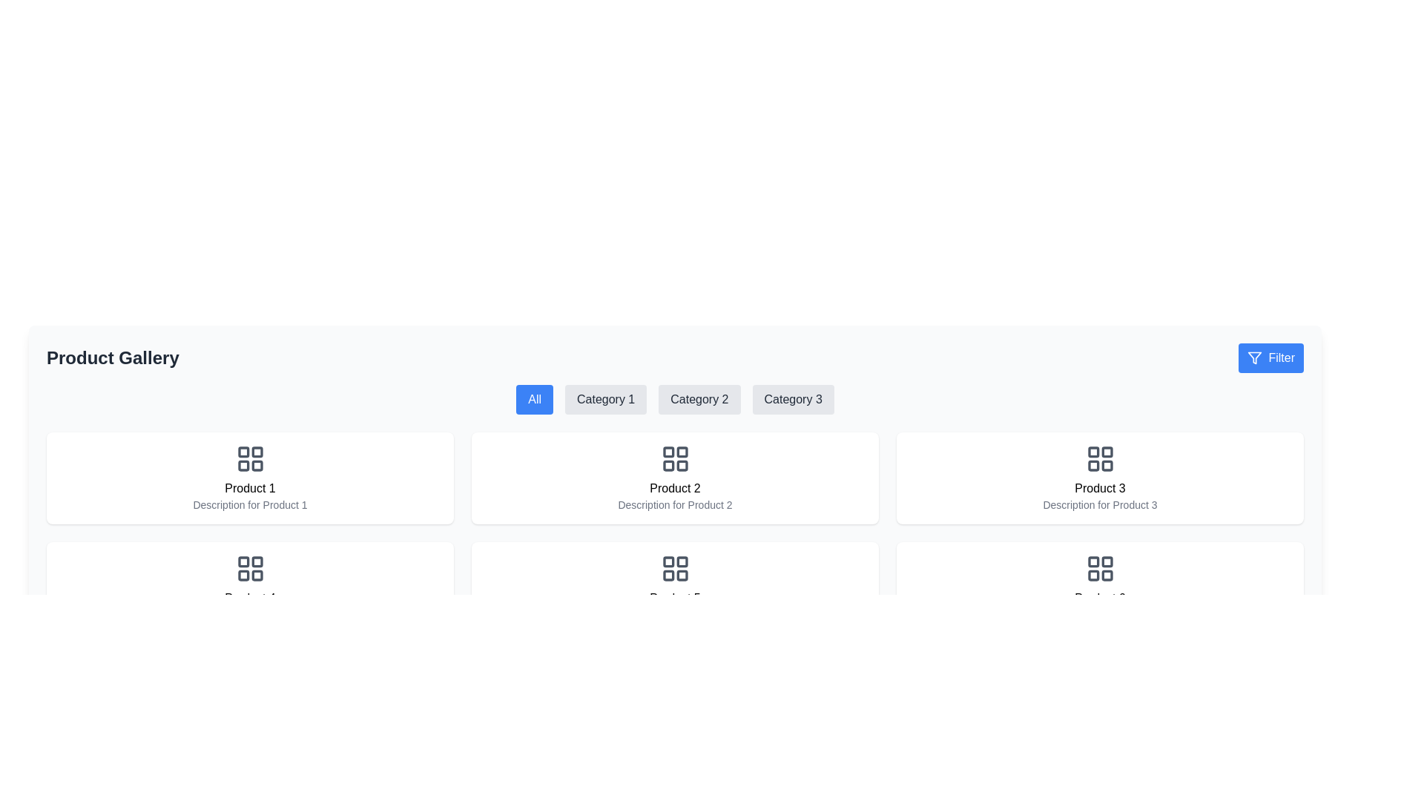  What do you see at coordinates (1093, 561) in the screenshot?
I see `the top-left rounded square icon within the grid layout of four squares in the product entry interface` at bounding box center [1093, 561].